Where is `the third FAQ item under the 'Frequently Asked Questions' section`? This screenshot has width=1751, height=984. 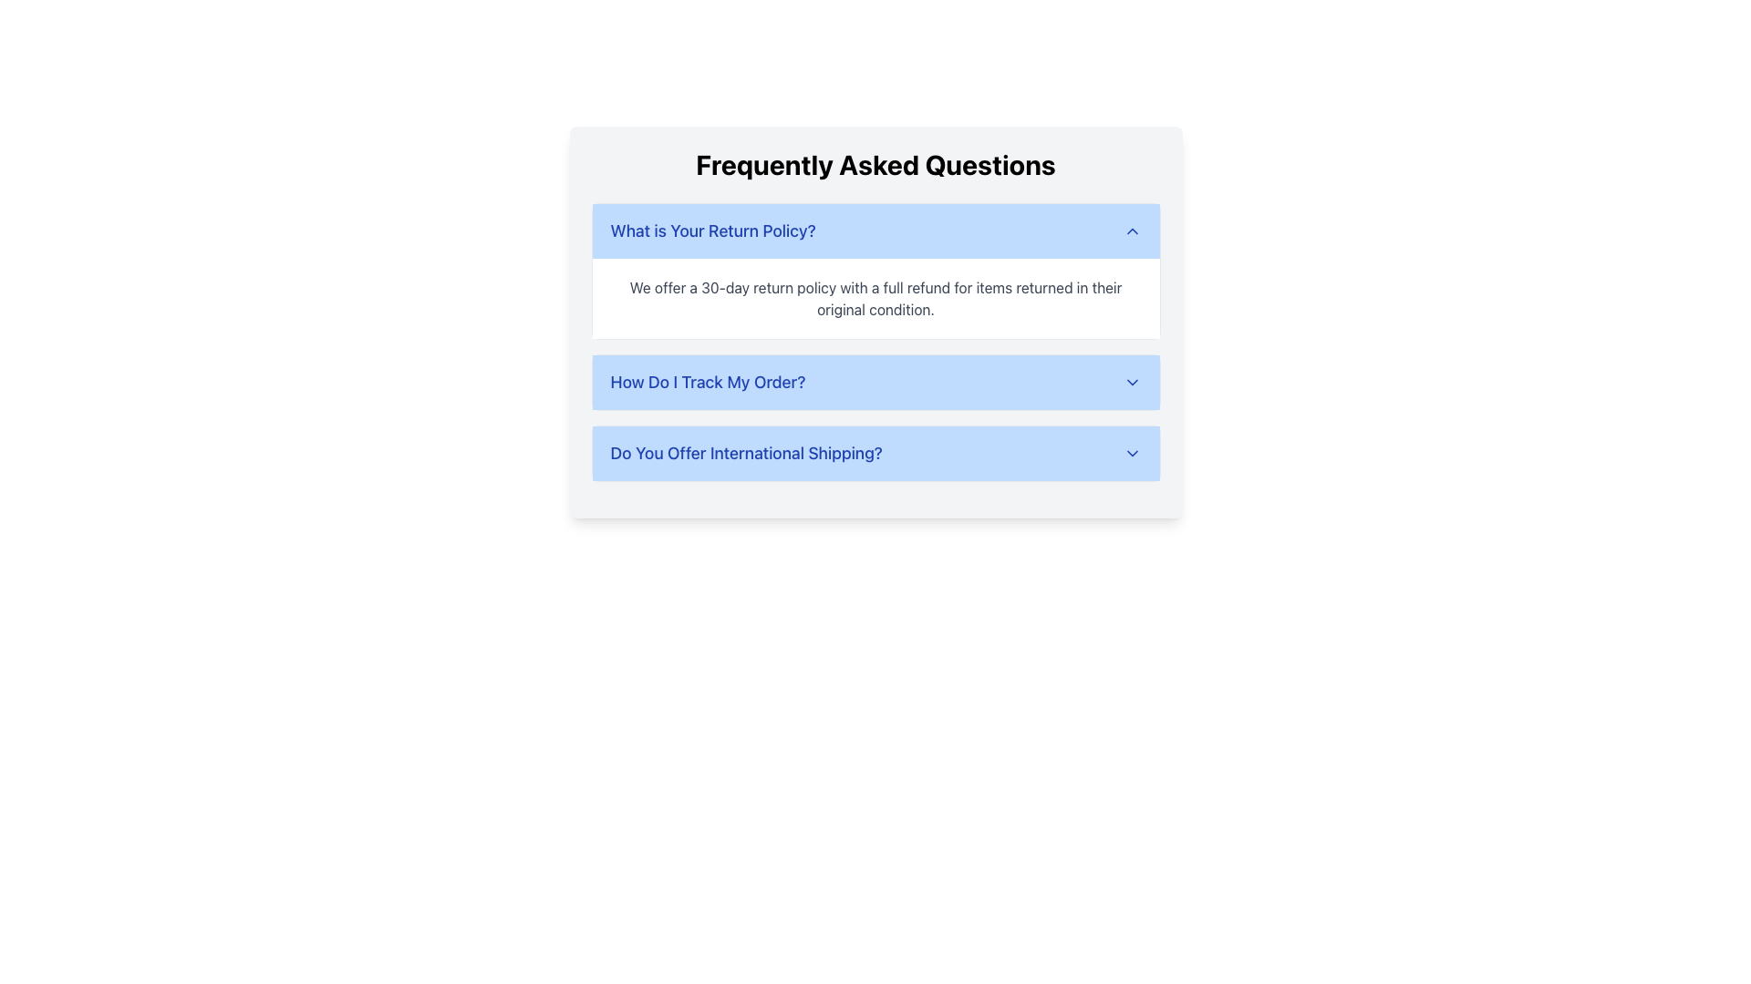
the third FAQ item under the 'Frequently Asked Questions' section is located at coordinates (875, 452).